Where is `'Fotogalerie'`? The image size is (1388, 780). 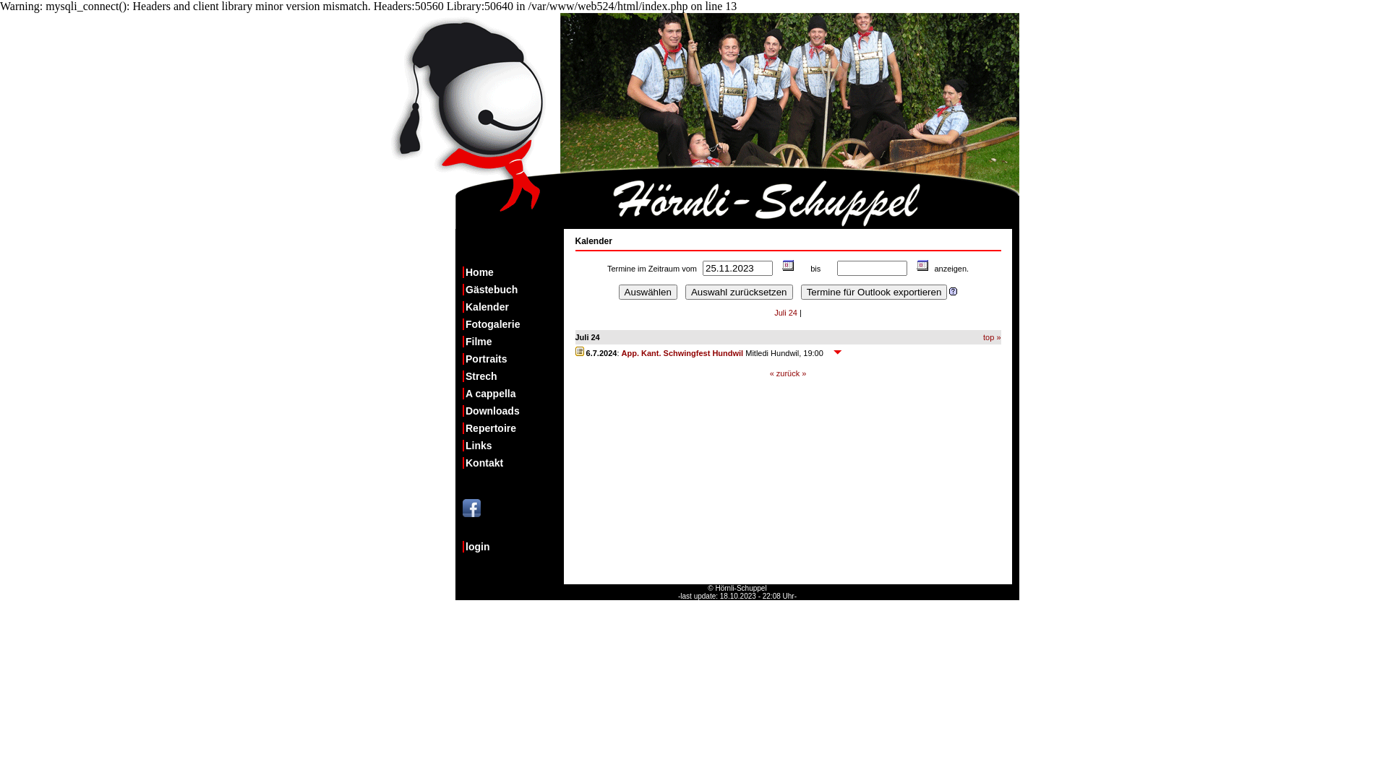 'Fotogalerie' is located at coordinates (513, 323).